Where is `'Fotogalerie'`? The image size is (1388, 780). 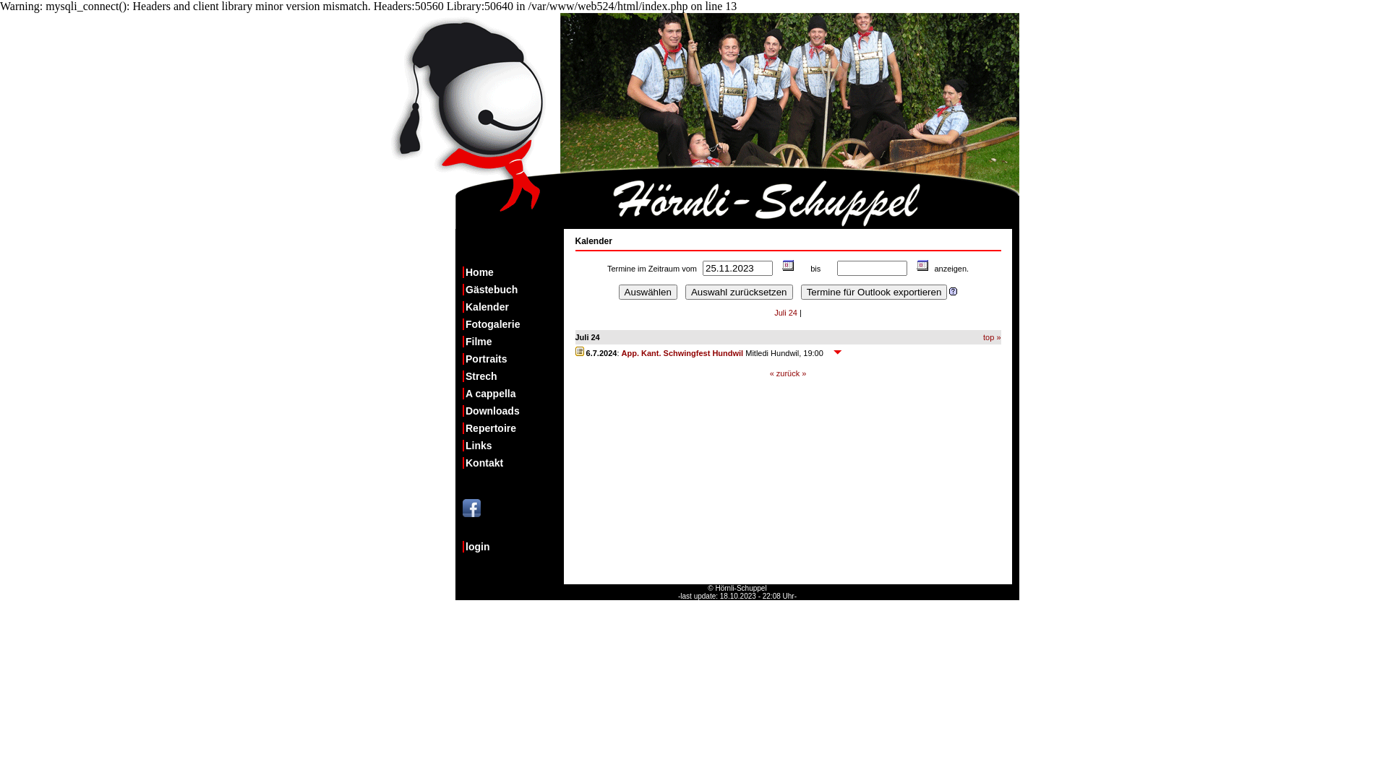 'Fotogalerie' is located at coordinates (513, 323).